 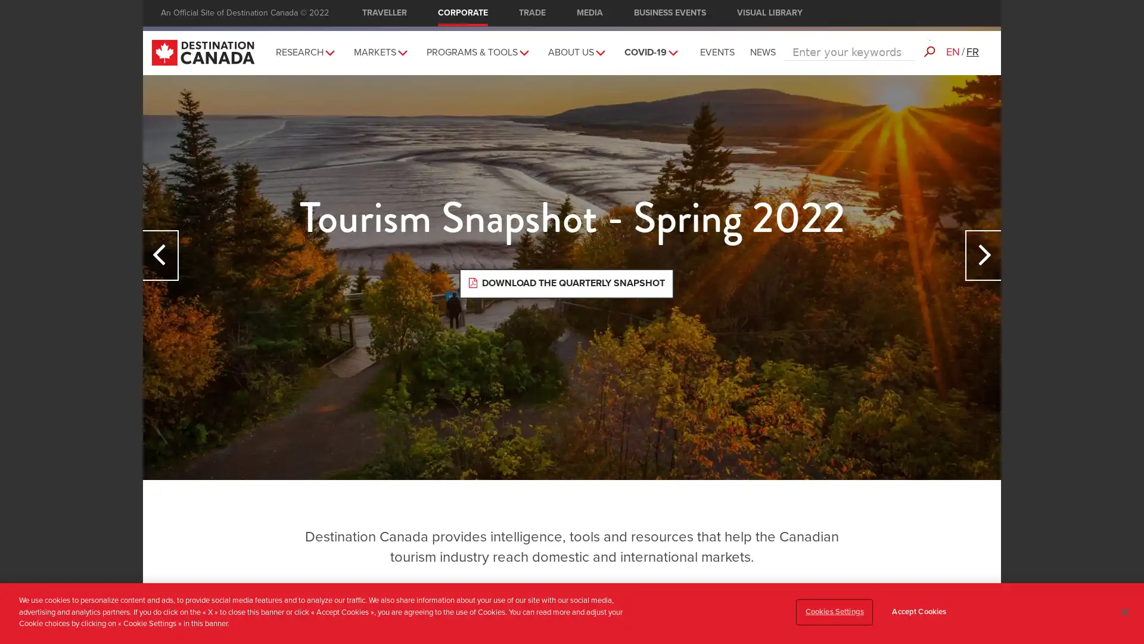 What do you see at coordinates (327, 48) in the screenshot?
I see `Expand` at bounding box center [327, 48].